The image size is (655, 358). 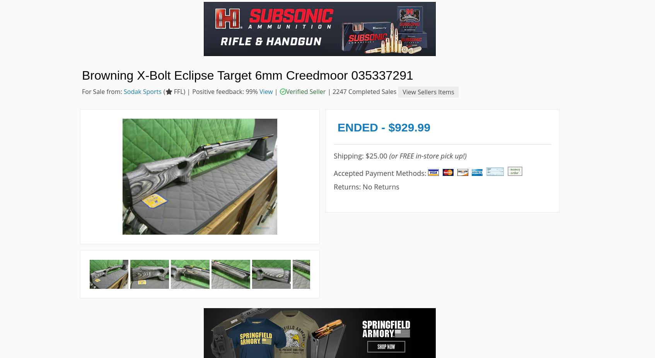 I want to click on 'ENDED - $929.99', so click(x=337, y=127).